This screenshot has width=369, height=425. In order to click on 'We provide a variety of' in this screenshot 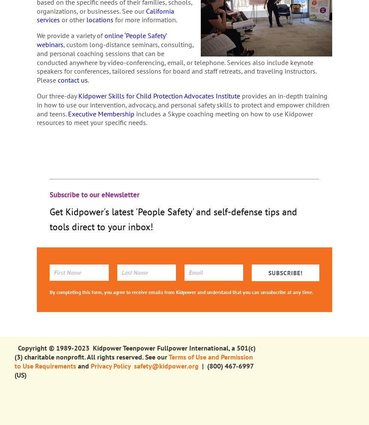, I will do `click(70, 35)`.